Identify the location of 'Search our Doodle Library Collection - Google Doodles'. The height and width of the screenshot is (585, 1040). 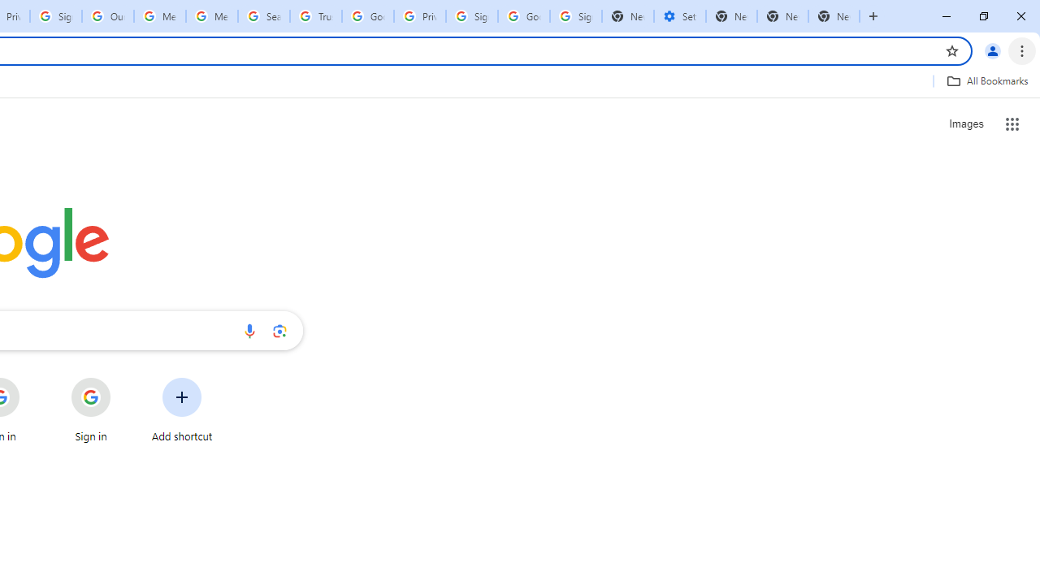
(264, 16).